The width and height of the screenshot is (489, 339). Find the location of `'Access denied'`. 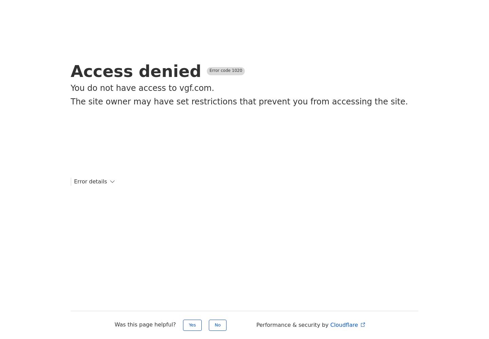

'Access denied' is located at coordinates (135, 71).